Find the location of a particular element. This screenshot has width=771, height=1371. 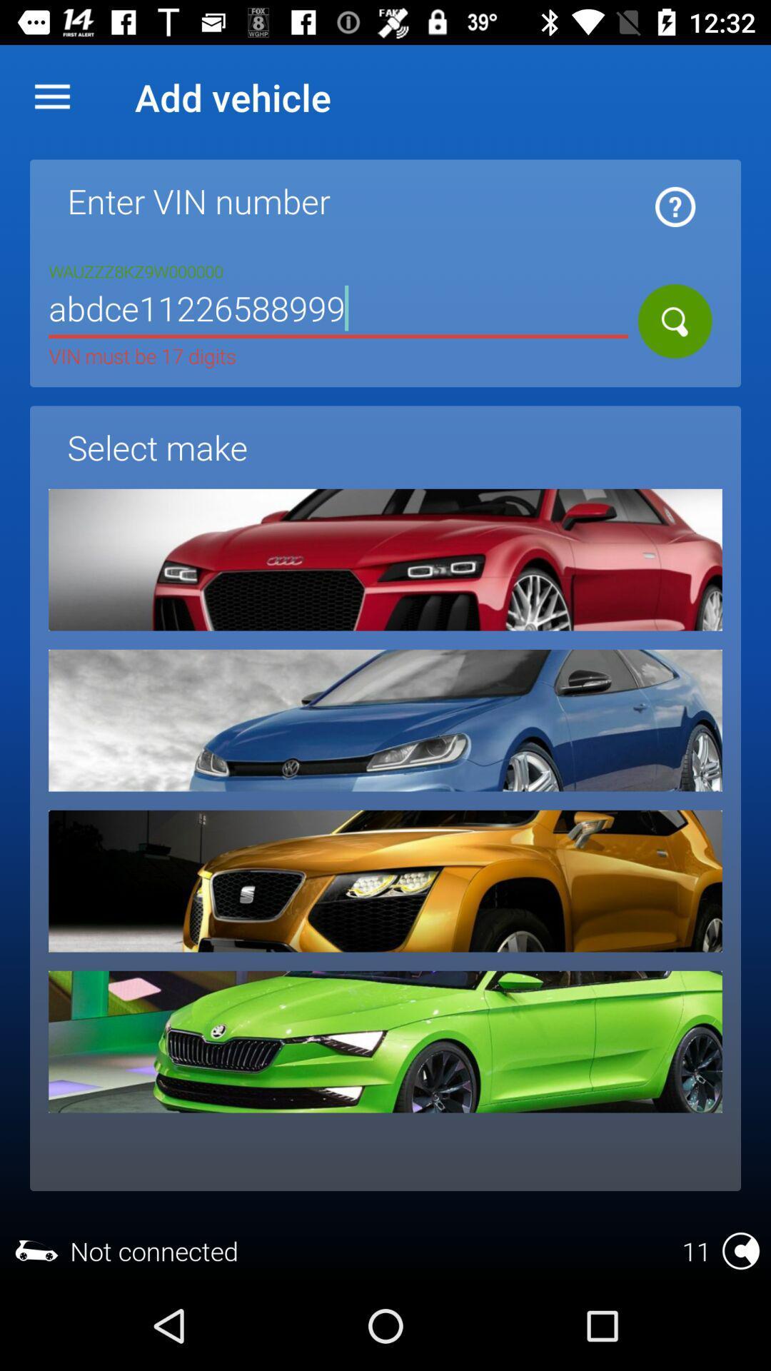

make of car is located at coordinates (385, 559).